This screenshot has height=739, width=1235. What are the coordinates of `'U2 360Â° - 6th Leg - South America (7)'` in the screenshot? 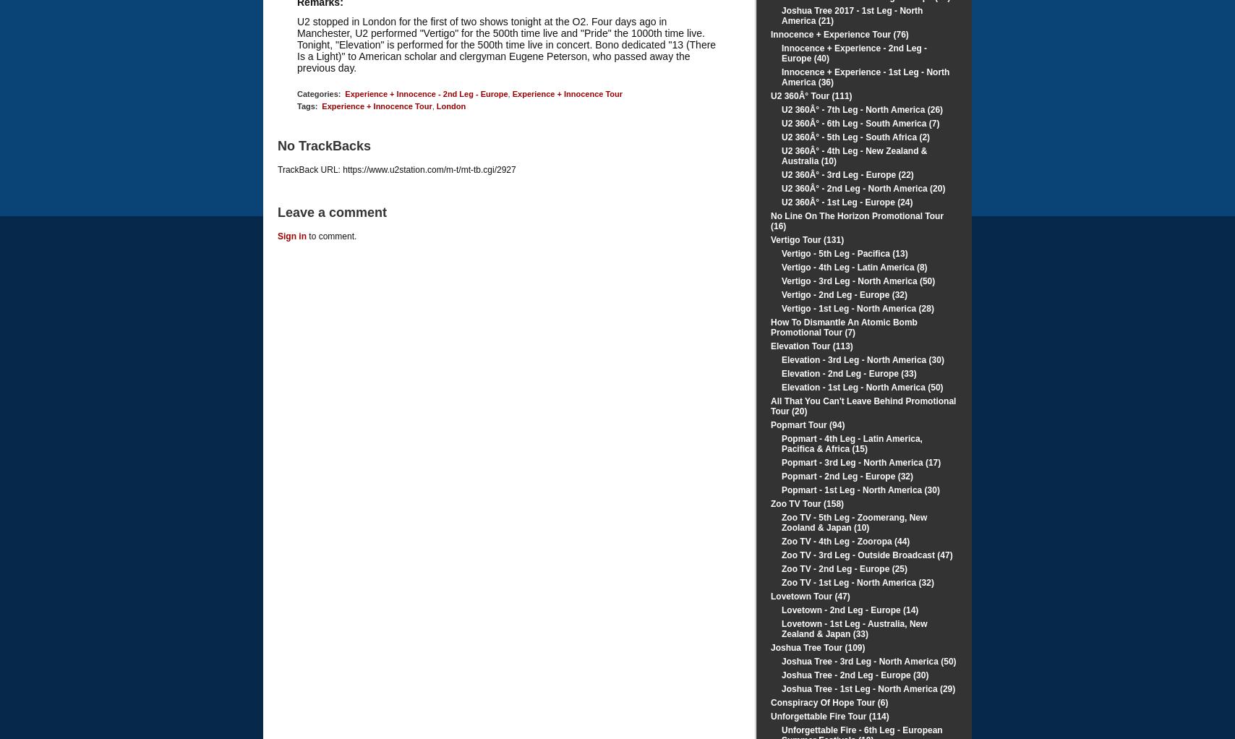 It's located at (860, 122).